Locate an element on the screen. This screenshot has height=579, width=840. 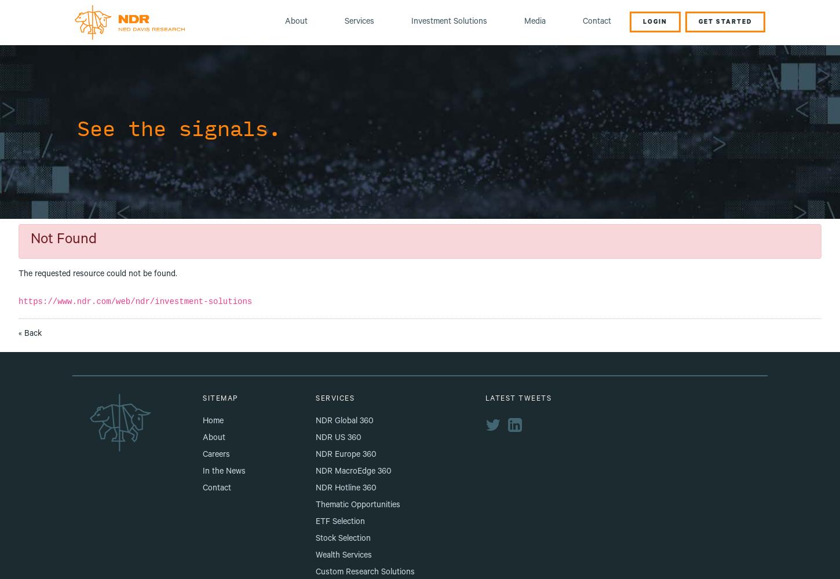
'https://www.ndr.com/web/ndr/investment-solutions' is located at coordinates (134, 301).